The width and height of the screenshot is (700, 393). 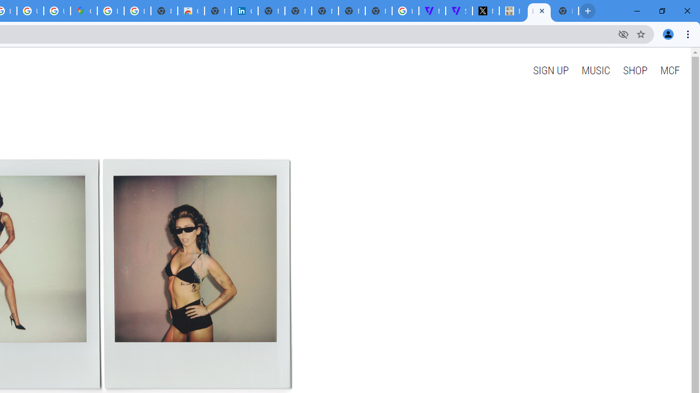 What do you see at coordinates (244, 11) in the screenshot?
I see `'Cookie Policy | LinkedIn'` at bounding box center [244, 11].